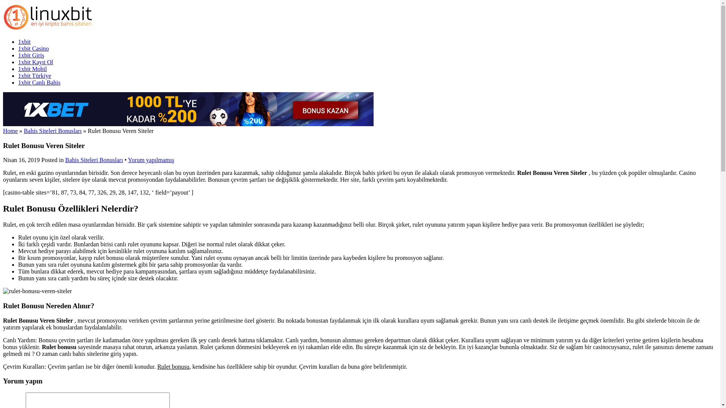  Describe the element at coordinates (18, 69) in the screenshot. I see `'1xbit Mobil'` at that location.